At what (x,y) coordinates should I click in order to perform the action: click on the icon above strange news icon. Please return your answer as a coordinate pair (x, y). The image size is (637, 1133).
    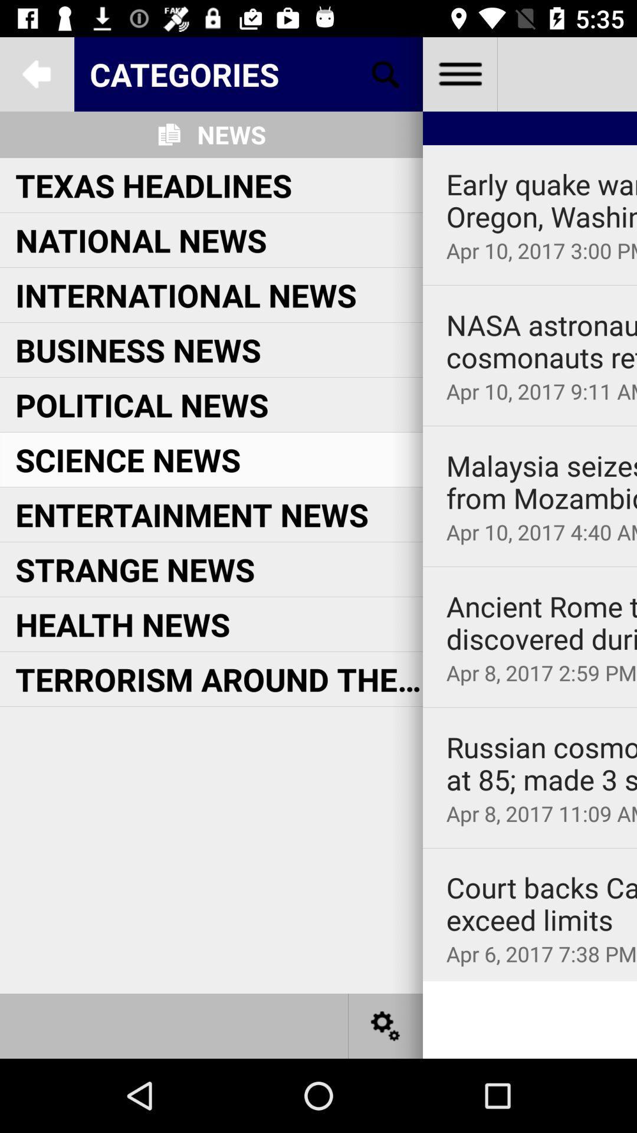
    Looking at the image, I should click on (191, 514).